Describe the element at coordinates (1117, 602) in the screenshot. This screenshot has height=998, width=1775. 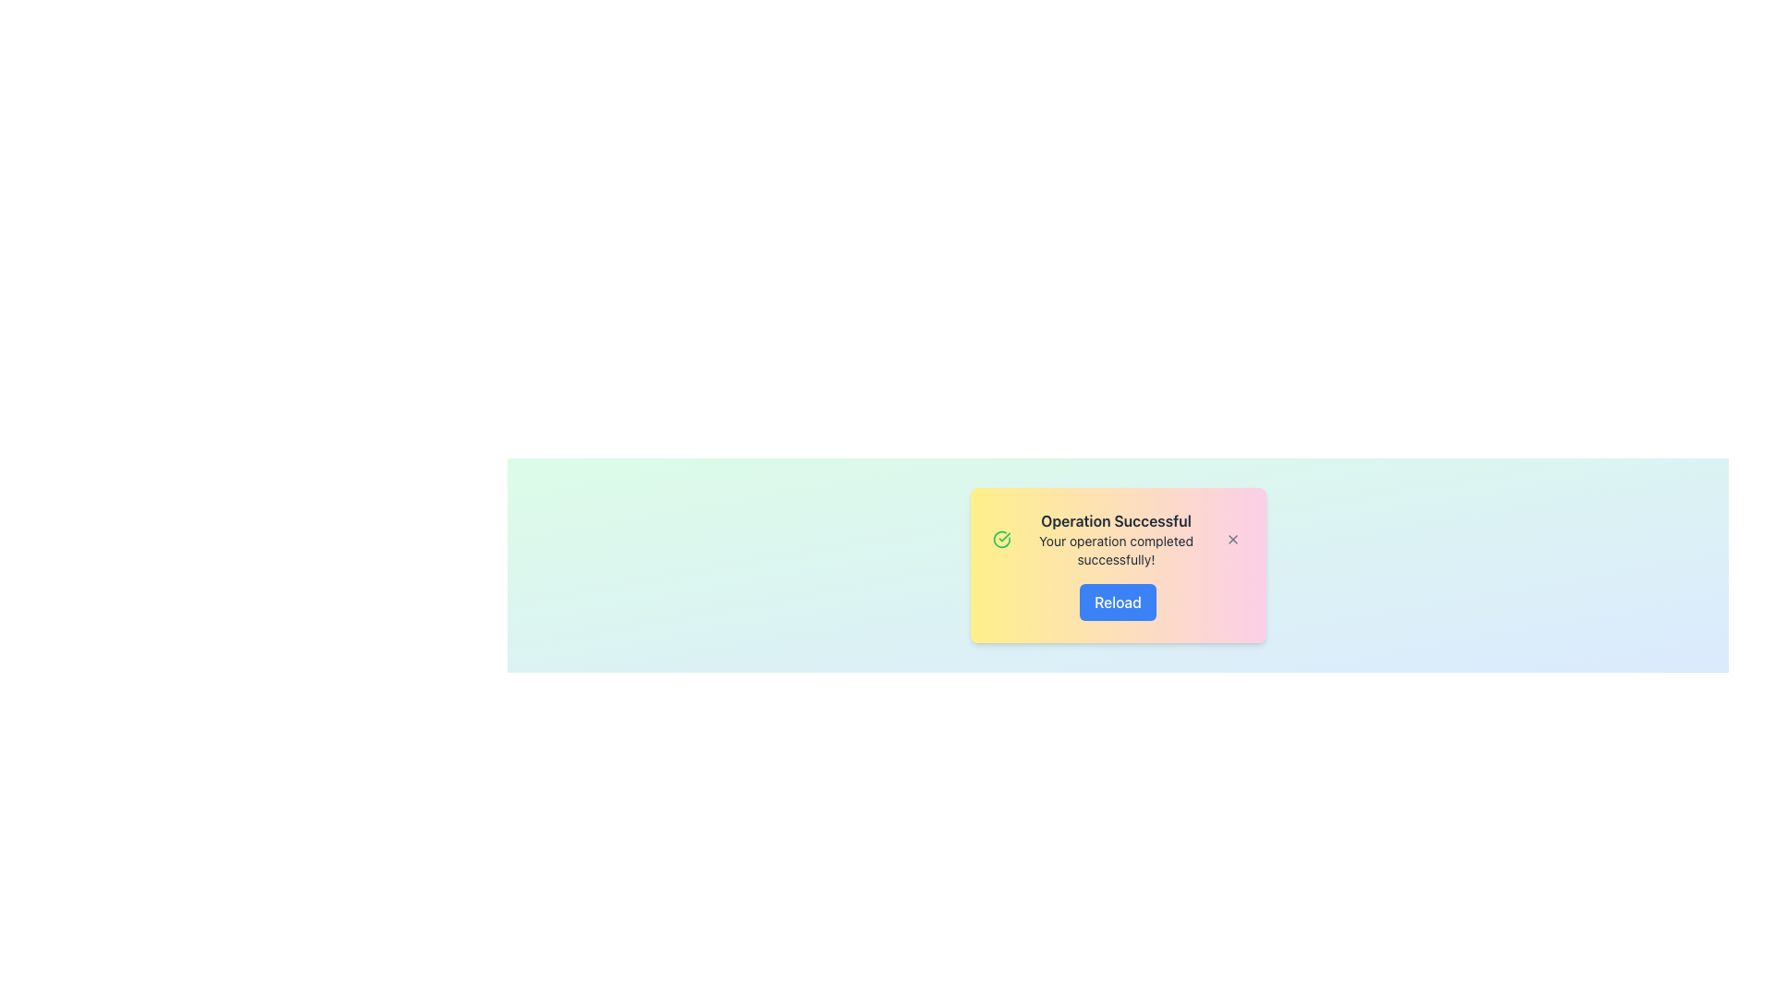
I see `the 'Reload' button with a bright blue background and white text to initiate a reload action` at that location.